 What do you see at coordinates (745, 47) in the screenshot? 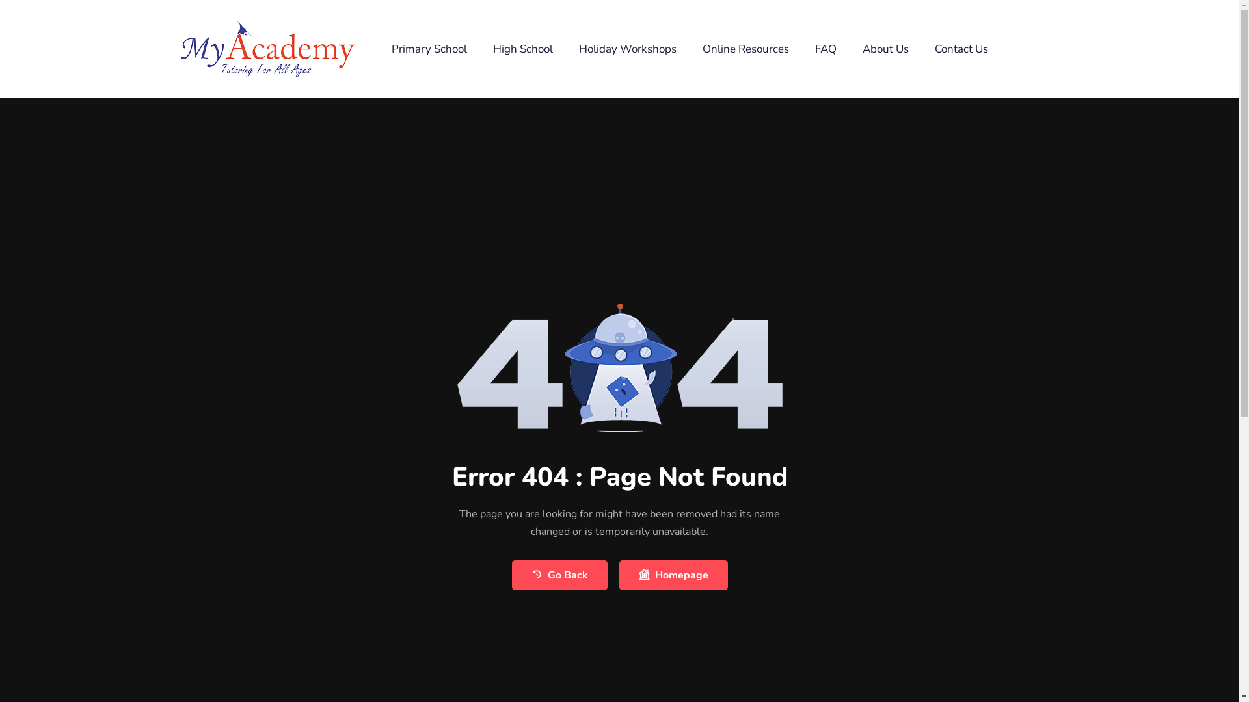
I see `'Online Resources'` at bounding box center [745, 47].